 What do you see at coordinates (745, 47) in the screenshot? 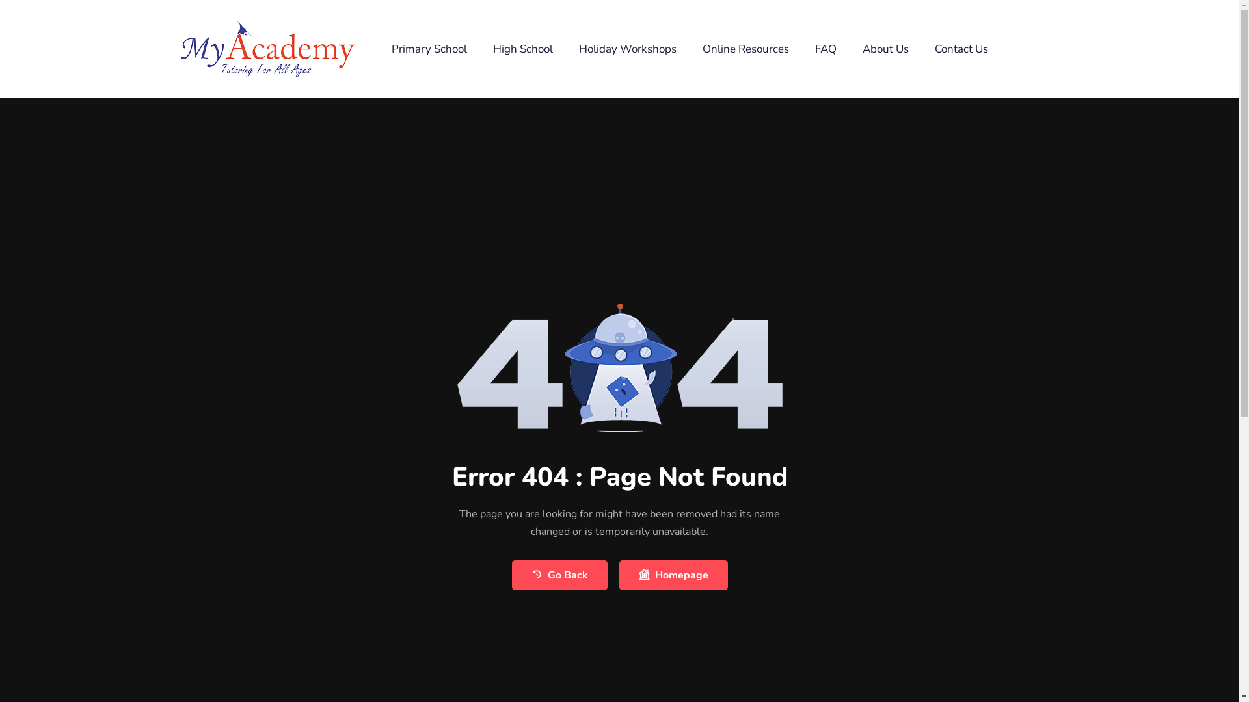
I see `'Online Resources'` at bounding box center [745, 47].